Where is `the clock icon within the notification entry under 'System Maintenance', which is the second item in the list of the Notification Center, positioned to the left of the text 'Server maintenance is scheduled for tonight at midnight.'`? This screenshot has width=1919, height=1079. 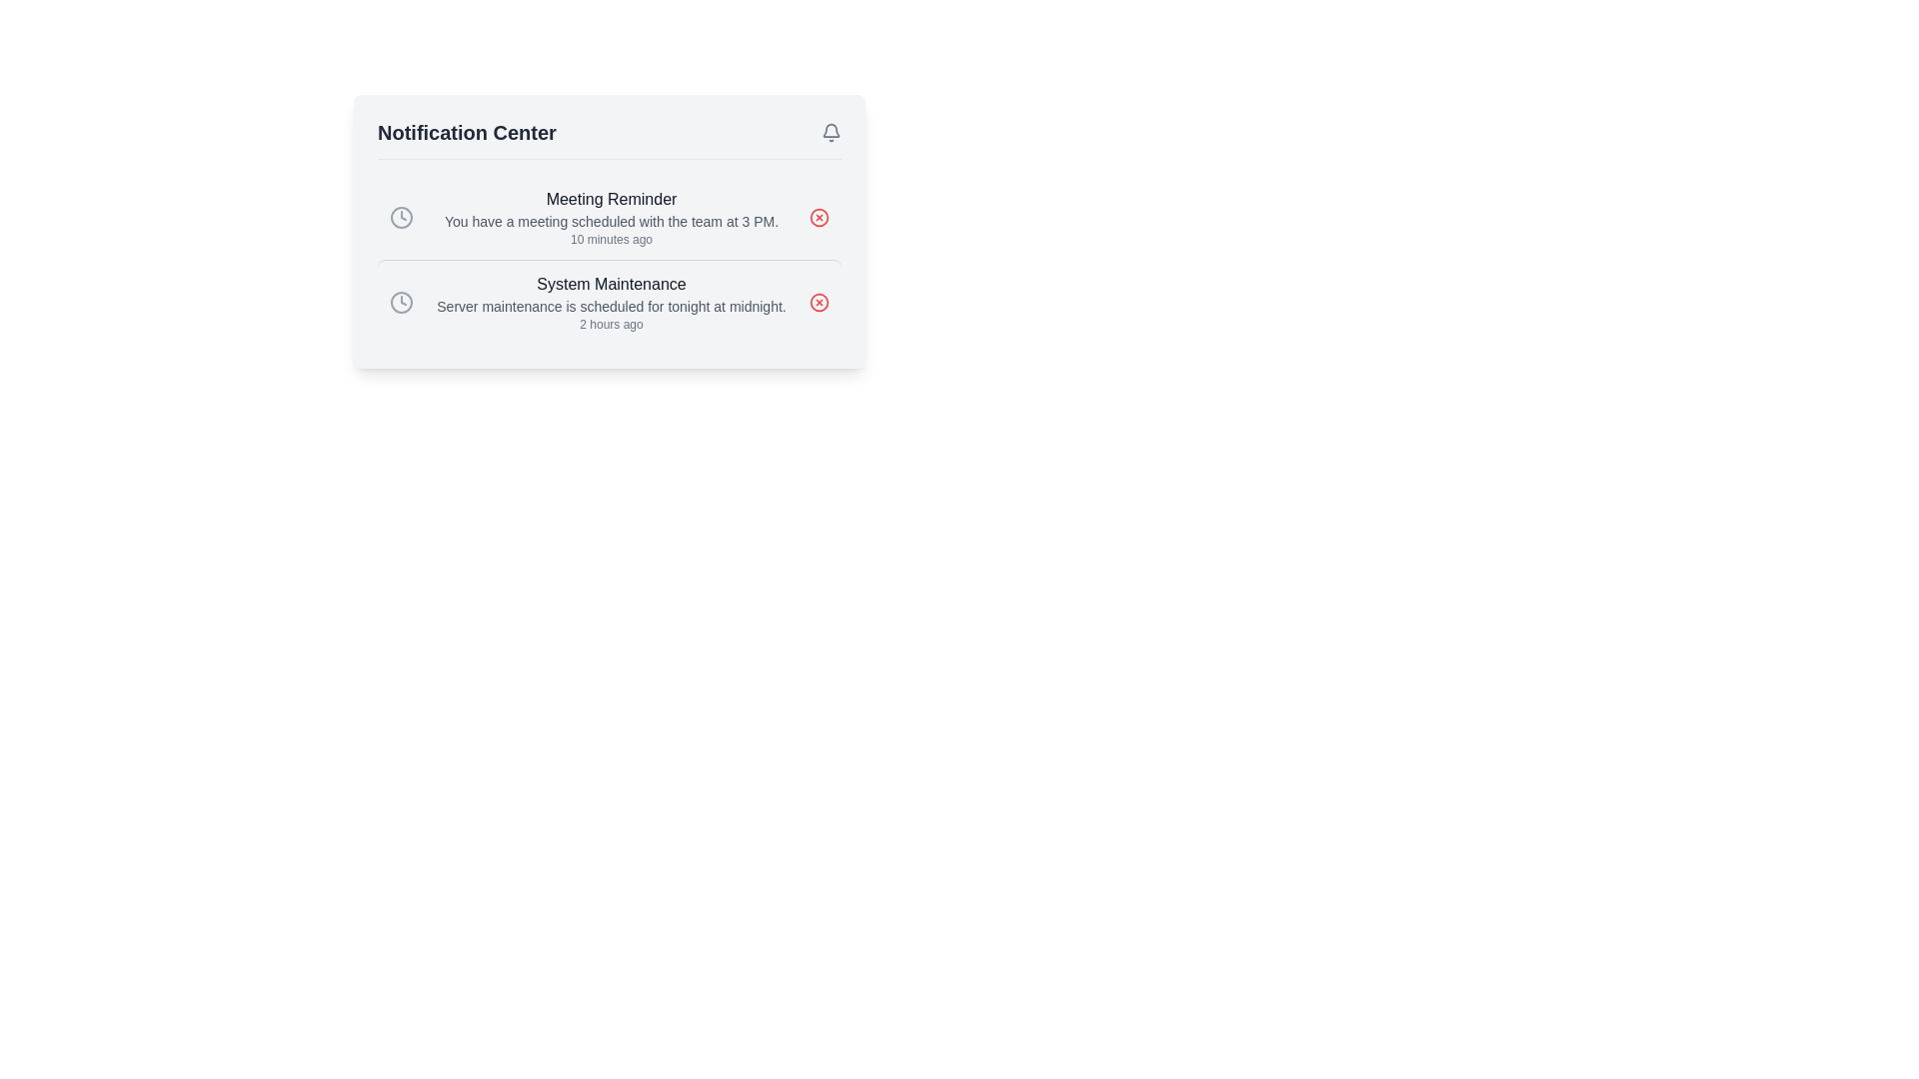 the clock icon within the notification entry under 'System Maintenance', which is the second item in the list of the Notification Center, positioned to the left of the text 'Server maintenance is scheduled for tonight at midnight.' is located at coordinates (401, 303).